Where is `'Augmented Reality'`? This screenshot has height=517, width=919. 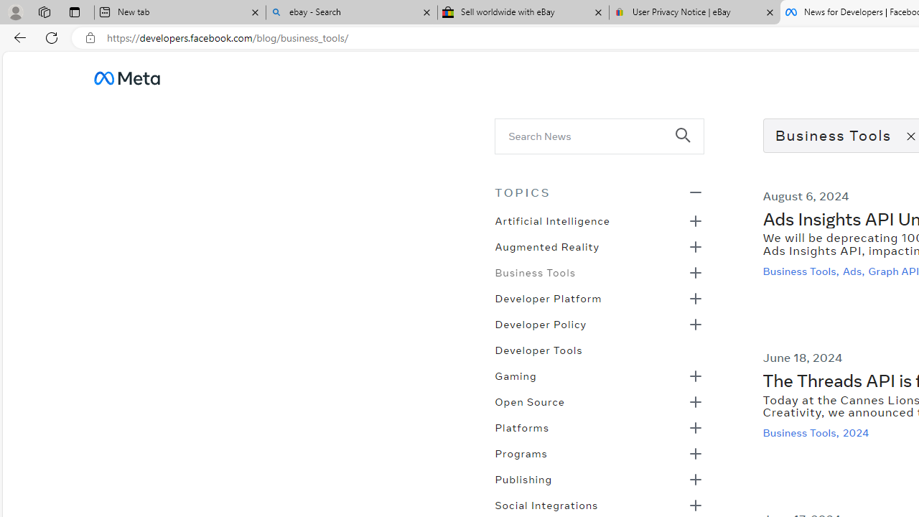 'Augmented Reality' is located at coordinates (546, 245).